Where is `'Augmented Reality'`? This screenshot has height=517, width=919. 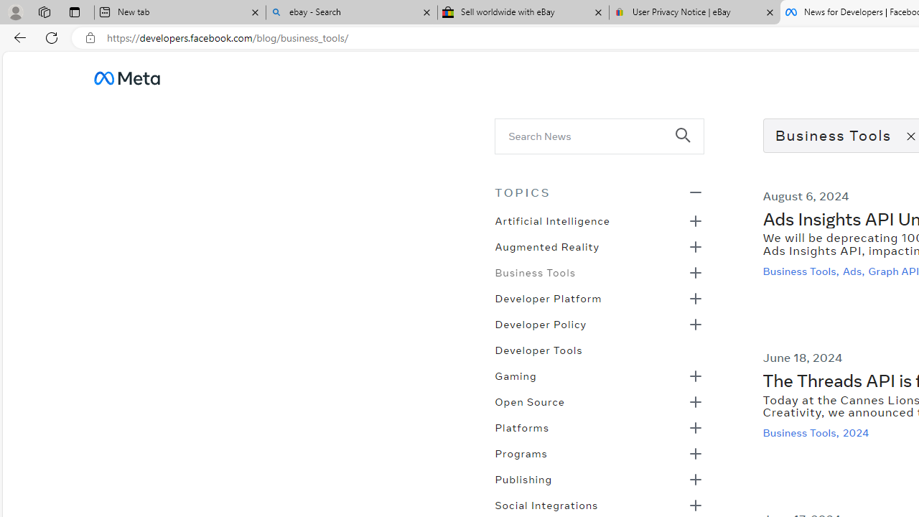 'Augmented Reality' is located at coordinates (546, 245).